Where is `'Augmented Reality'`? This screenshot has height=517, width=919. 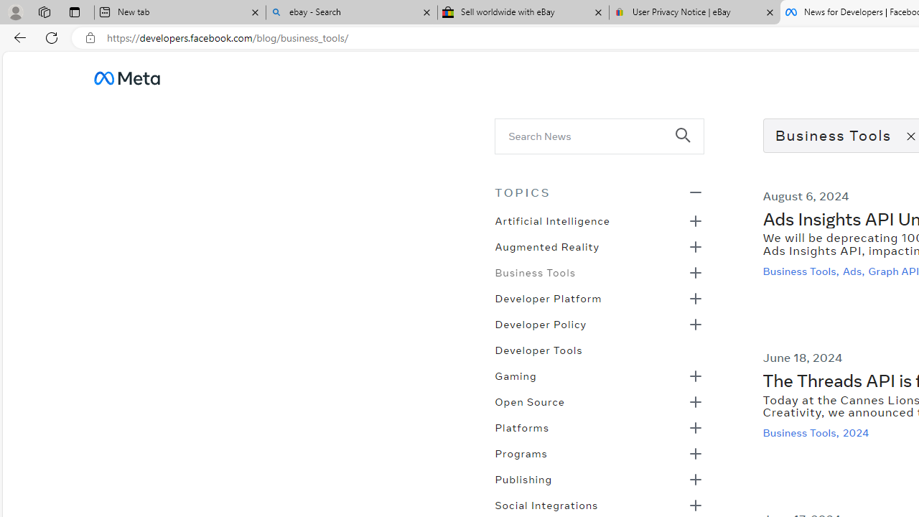 'Augmented Reality' is located at coordinates (546, 245).